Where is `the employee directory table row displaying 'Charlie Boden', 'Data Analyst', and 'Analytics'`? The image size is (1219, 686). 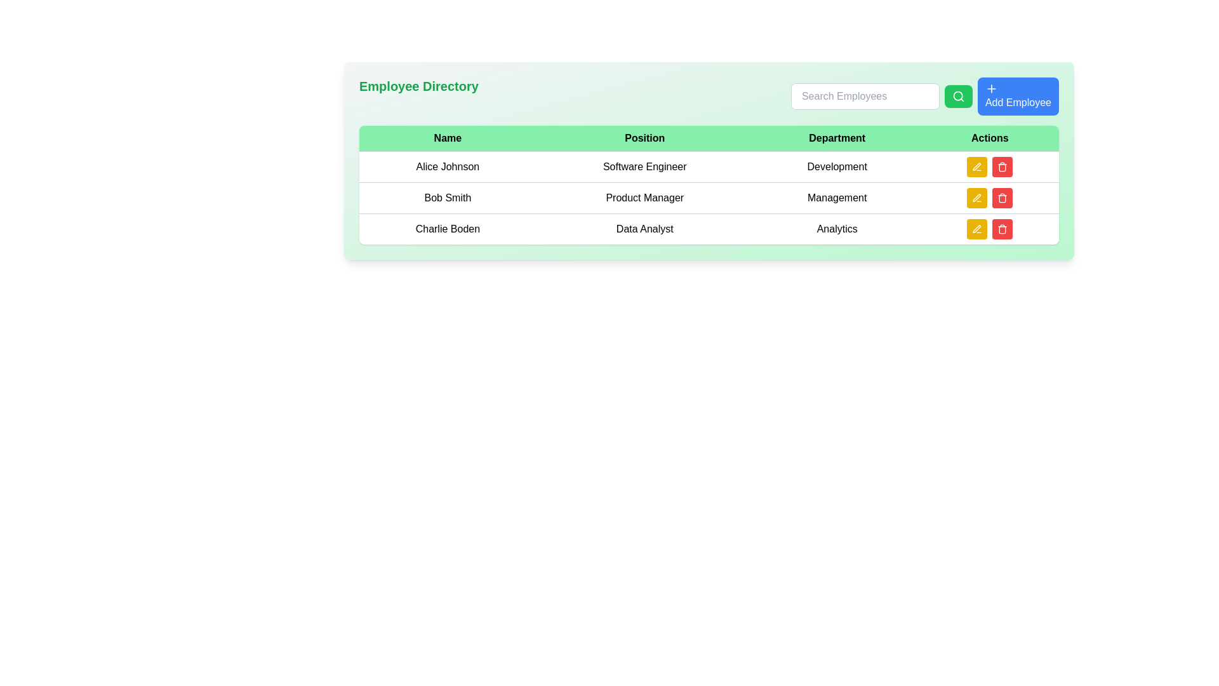
the employee directory table row displaying 'Charlie Boden', 'Data Analyst', and 'Analytics' is located at coordinates (709, 227).